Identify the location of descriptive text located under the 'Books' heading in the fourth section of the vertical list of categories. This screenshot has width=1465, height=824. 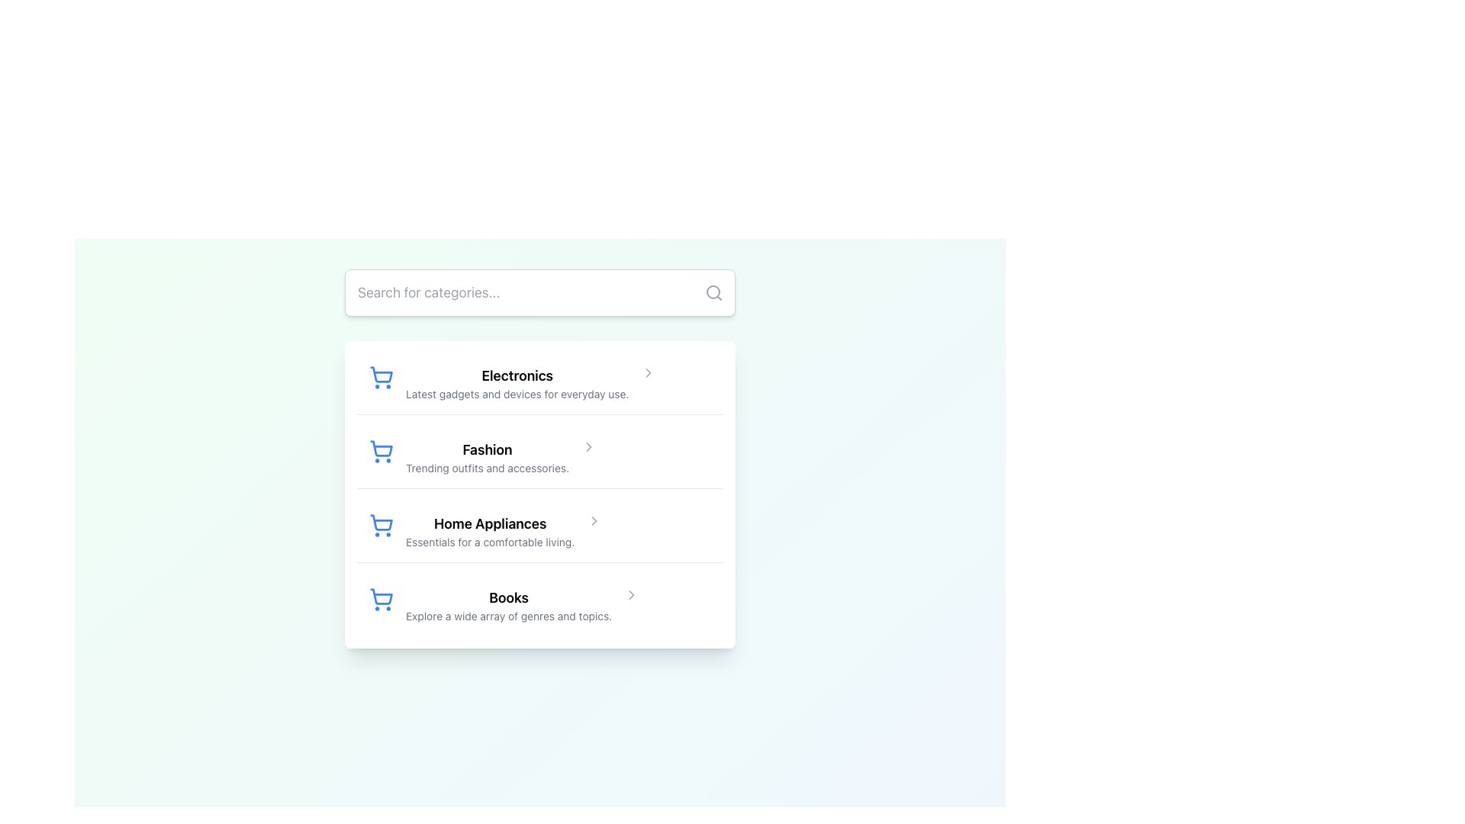
(509, 615).